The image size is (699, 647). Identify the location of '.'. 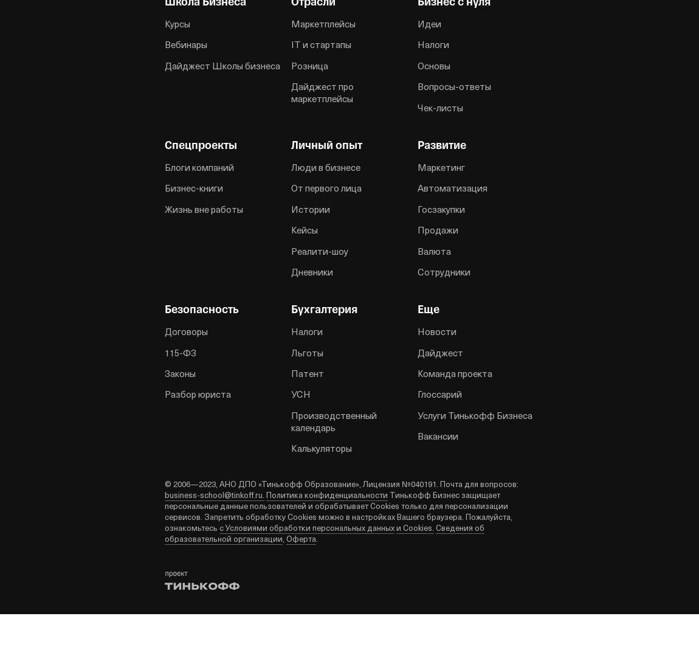
(316, 538).